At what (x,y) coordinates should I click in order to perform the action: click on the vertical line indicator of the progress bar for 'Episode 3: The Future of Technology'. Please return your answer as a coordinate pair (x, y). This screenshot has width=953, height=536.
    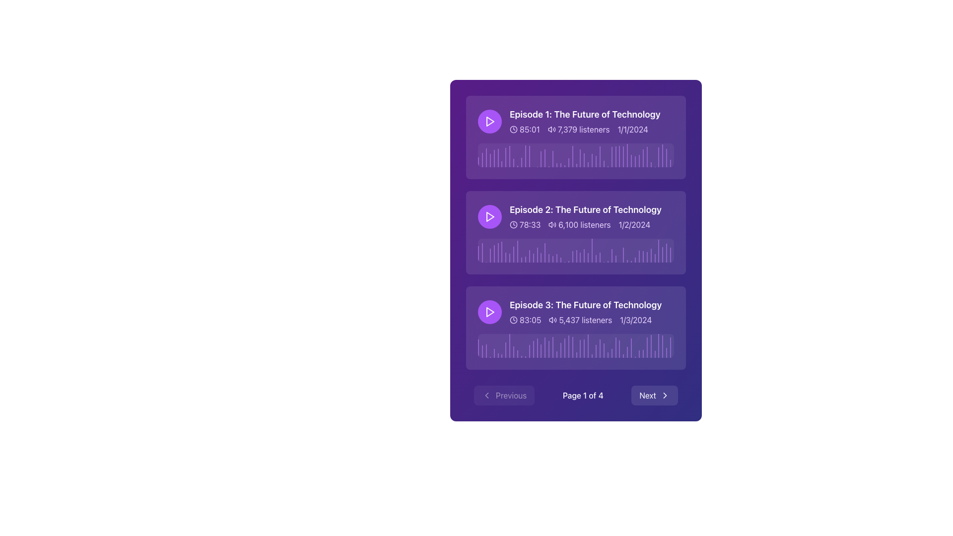
    Looking at the image, I should click on (631, 347).